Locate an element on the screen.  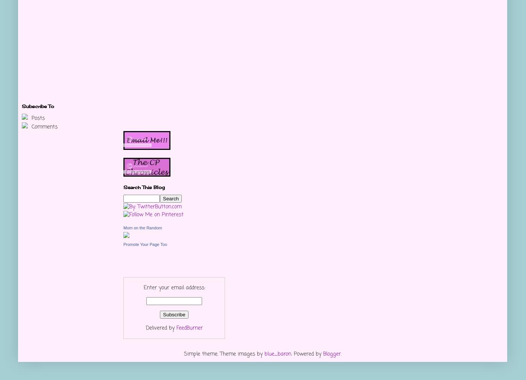
'Blogger' is located at coordinates (331, 354).